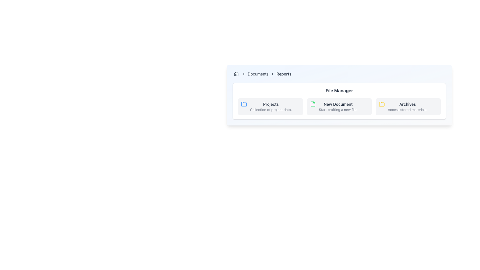 The width and height of the screenshot is (480, 270). I want to click on the house icon located in the breadcrumb navigation bar, which is the first icon to the left of the text 'Documents', so click(236, 74).